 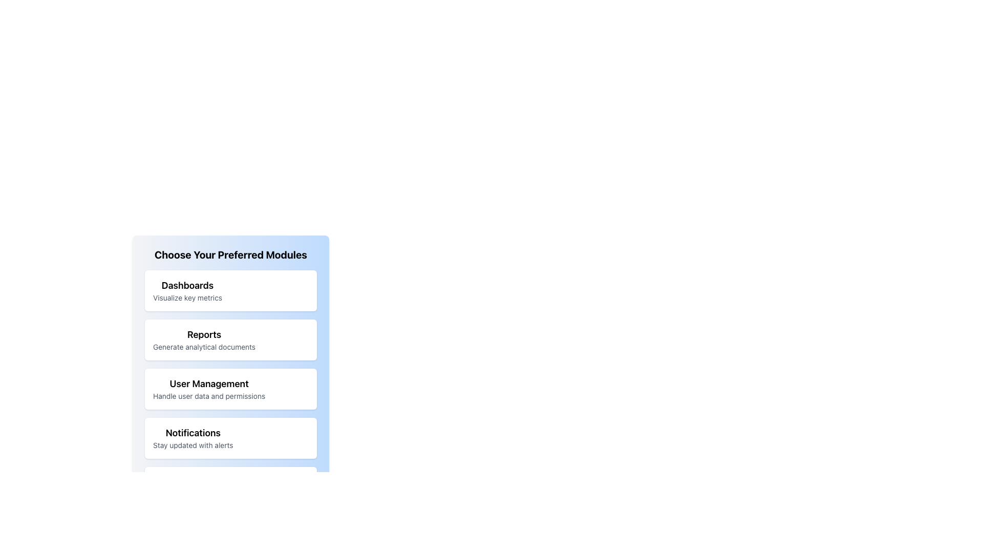 I want to click on the text label displaying 'Generate analytical documents', which is positioned below the 'Reports' header in the vertical menu layout, so click(x=204, y=347).